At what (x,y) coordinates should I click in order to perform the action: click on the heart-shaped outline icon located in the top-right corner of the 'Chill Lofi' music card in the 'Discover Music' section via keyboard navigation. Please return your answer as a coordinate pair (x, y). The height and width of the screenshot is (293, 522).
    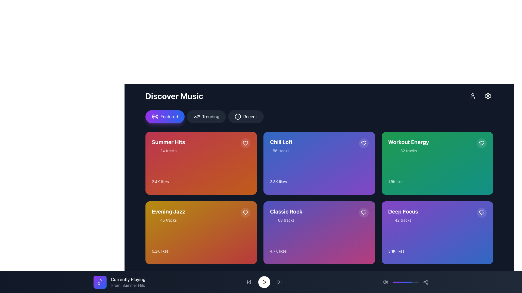
    Looking at the image, I should click on (363, 143).